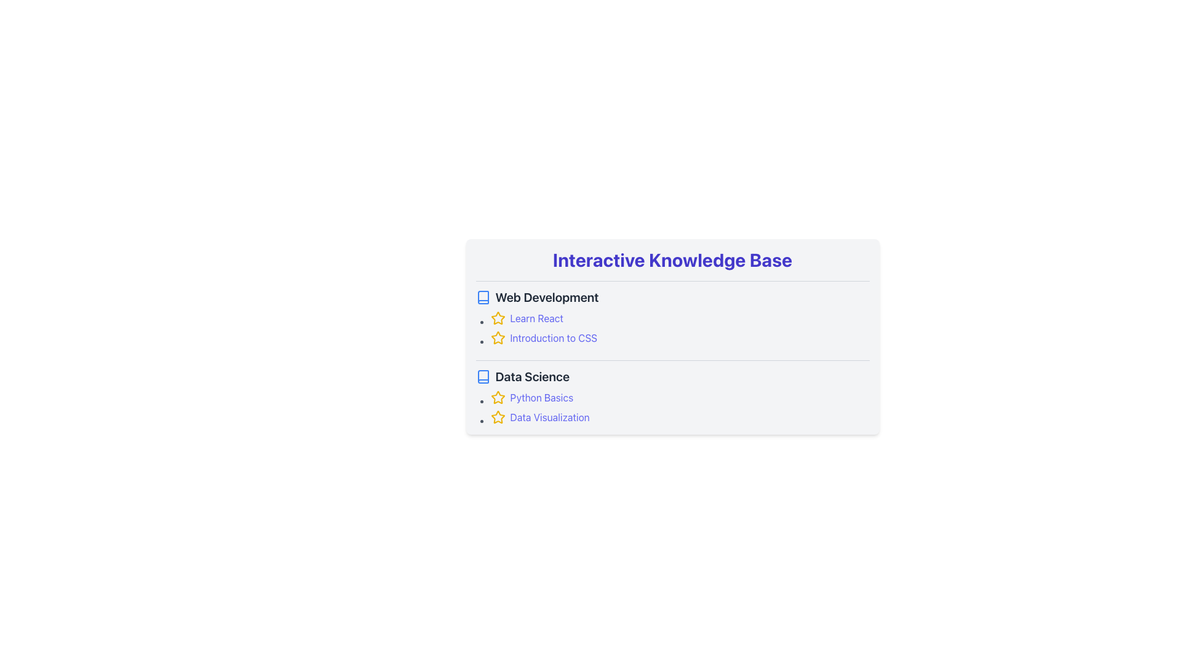  Describe the element at coordinates (498, 398) in the screenshot. I see `the star icon indicating the favorite status for the 'Python Basics' topic in the 'Interactive Knowledge Base', located in the 'Data Science' section` at that location.